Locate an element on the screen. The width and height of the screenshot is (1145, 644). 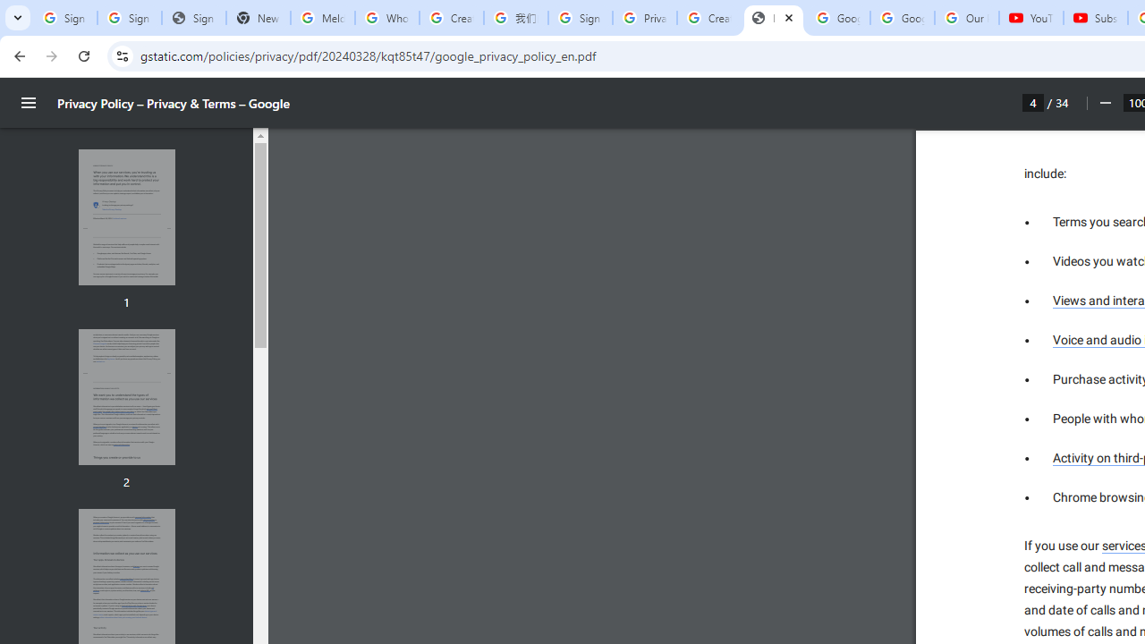
'Close' is located at coordinates (787, 17).